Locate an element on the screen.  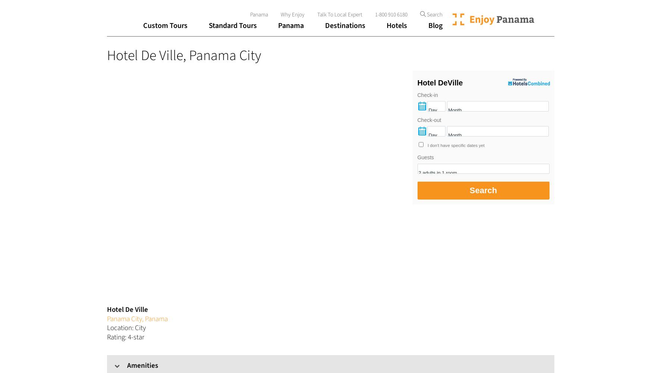
'Packages' is located at coordinates (229, 90).